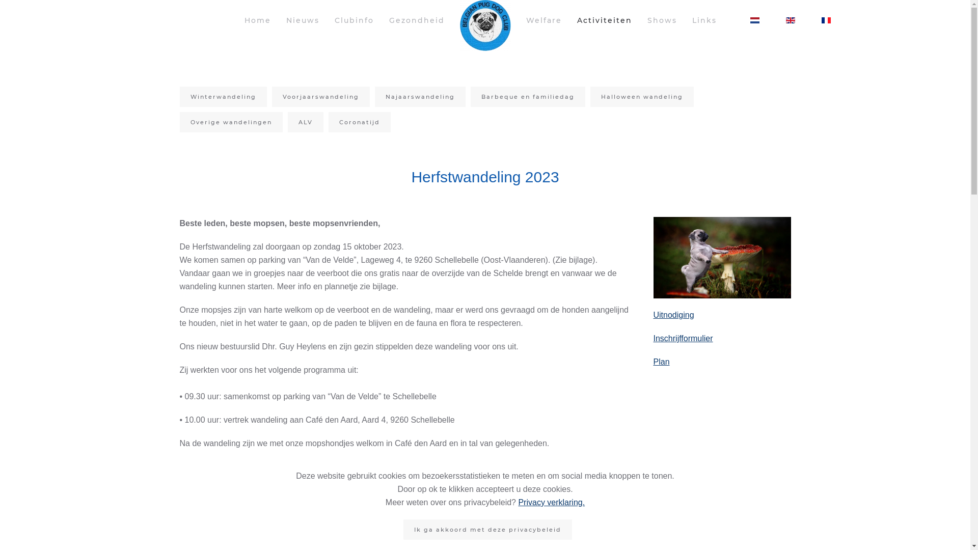  What do you see at coordinates (359, 121) in the screenshot?
I see `'Coronatijd'` at bounding box center [359, 121].